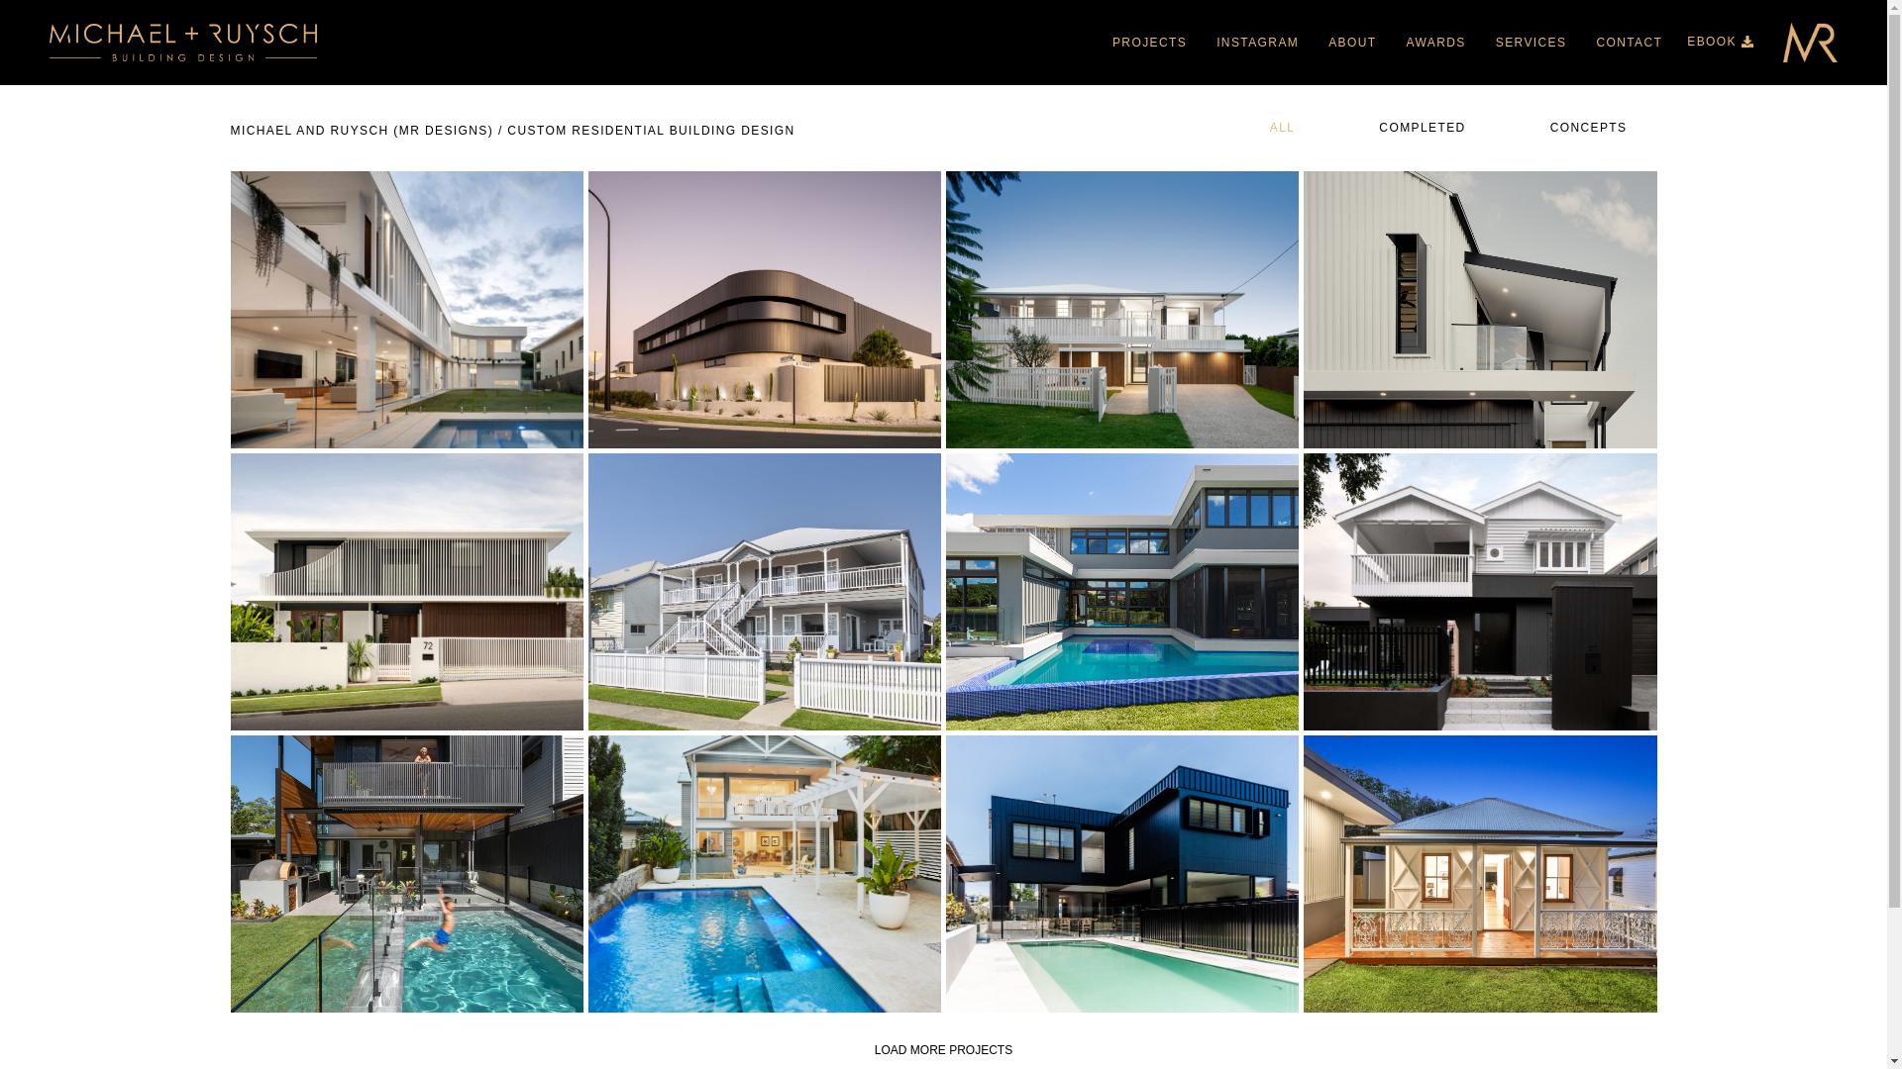 The image size is (1902, 1069). I want to click on 'INSTAGRAM', so click(1256, 42).